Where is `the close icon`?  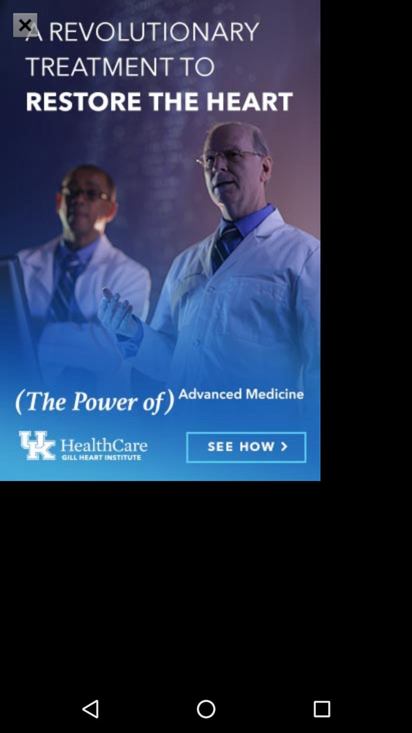 the close icon is located at coordinates (24, 27).